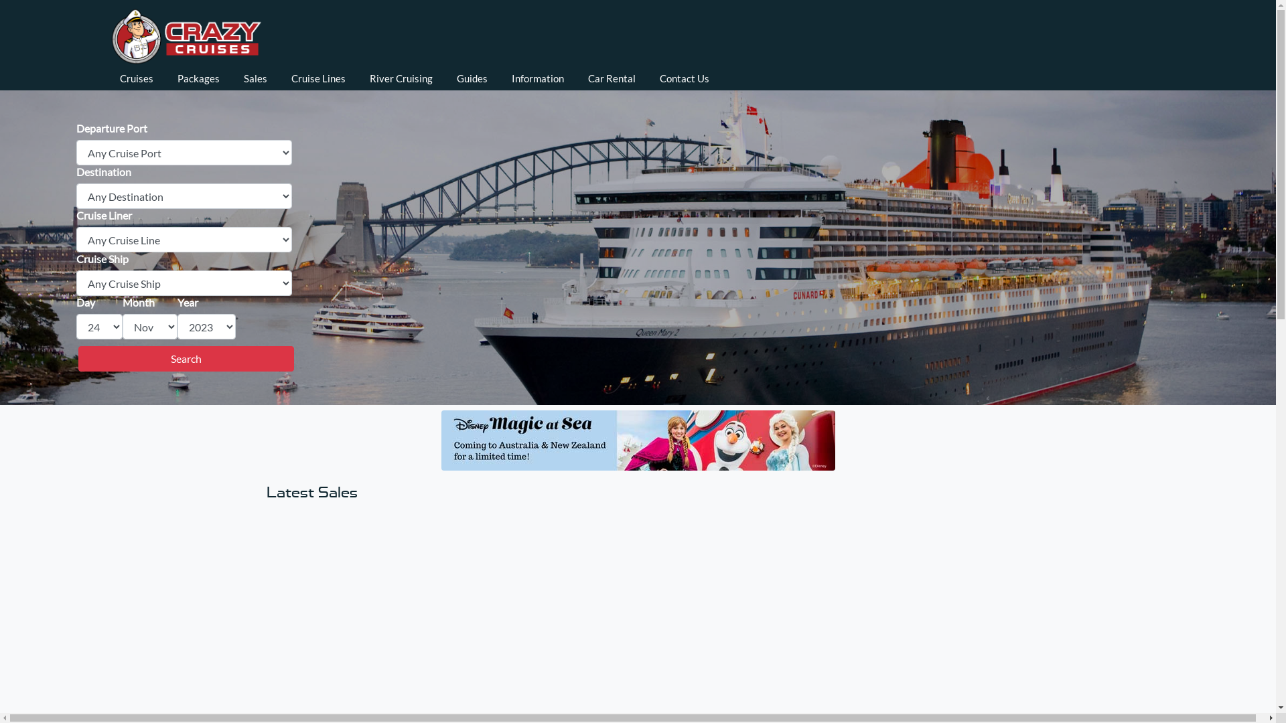 The image size is (1286, 723). What do you see at coordinates (611, 78) in the screenshot?
I see `'Car Rental'` at bounding box center [611, 78].